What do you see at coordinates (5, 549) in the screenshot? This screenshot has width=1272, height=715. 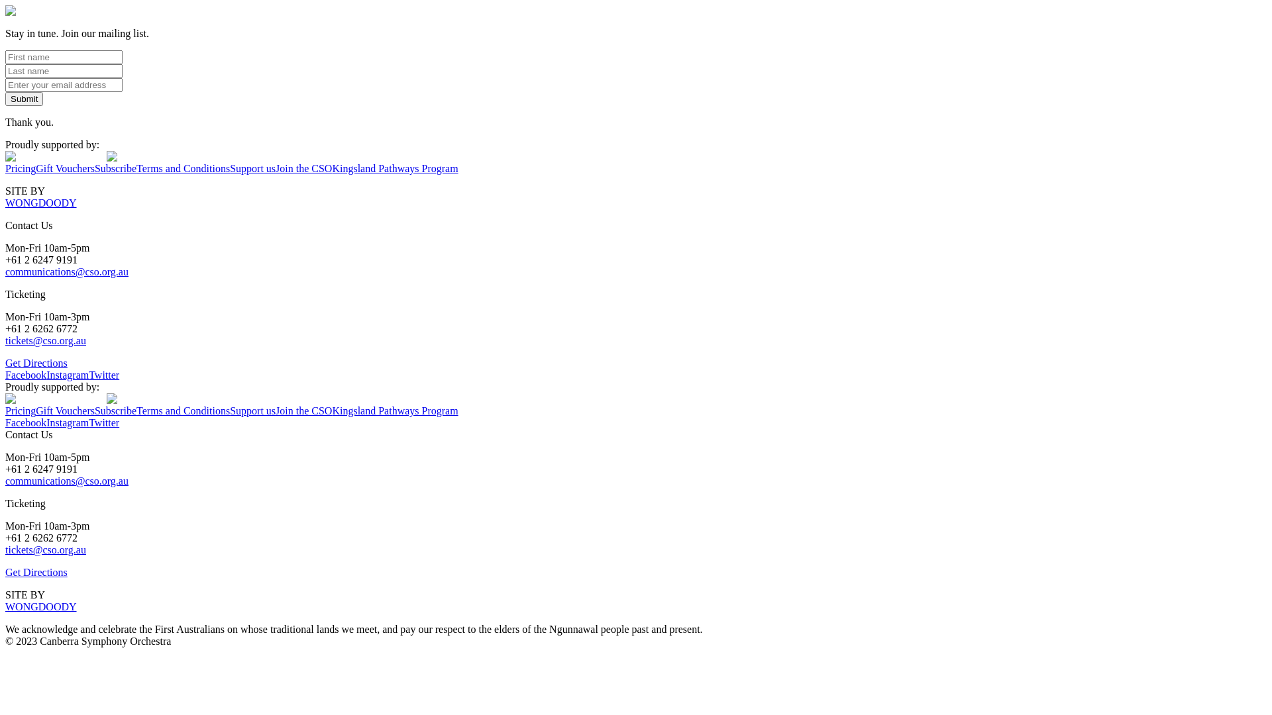 I see `'tickets@cso.org.au'` at bounding box center [5, 549].